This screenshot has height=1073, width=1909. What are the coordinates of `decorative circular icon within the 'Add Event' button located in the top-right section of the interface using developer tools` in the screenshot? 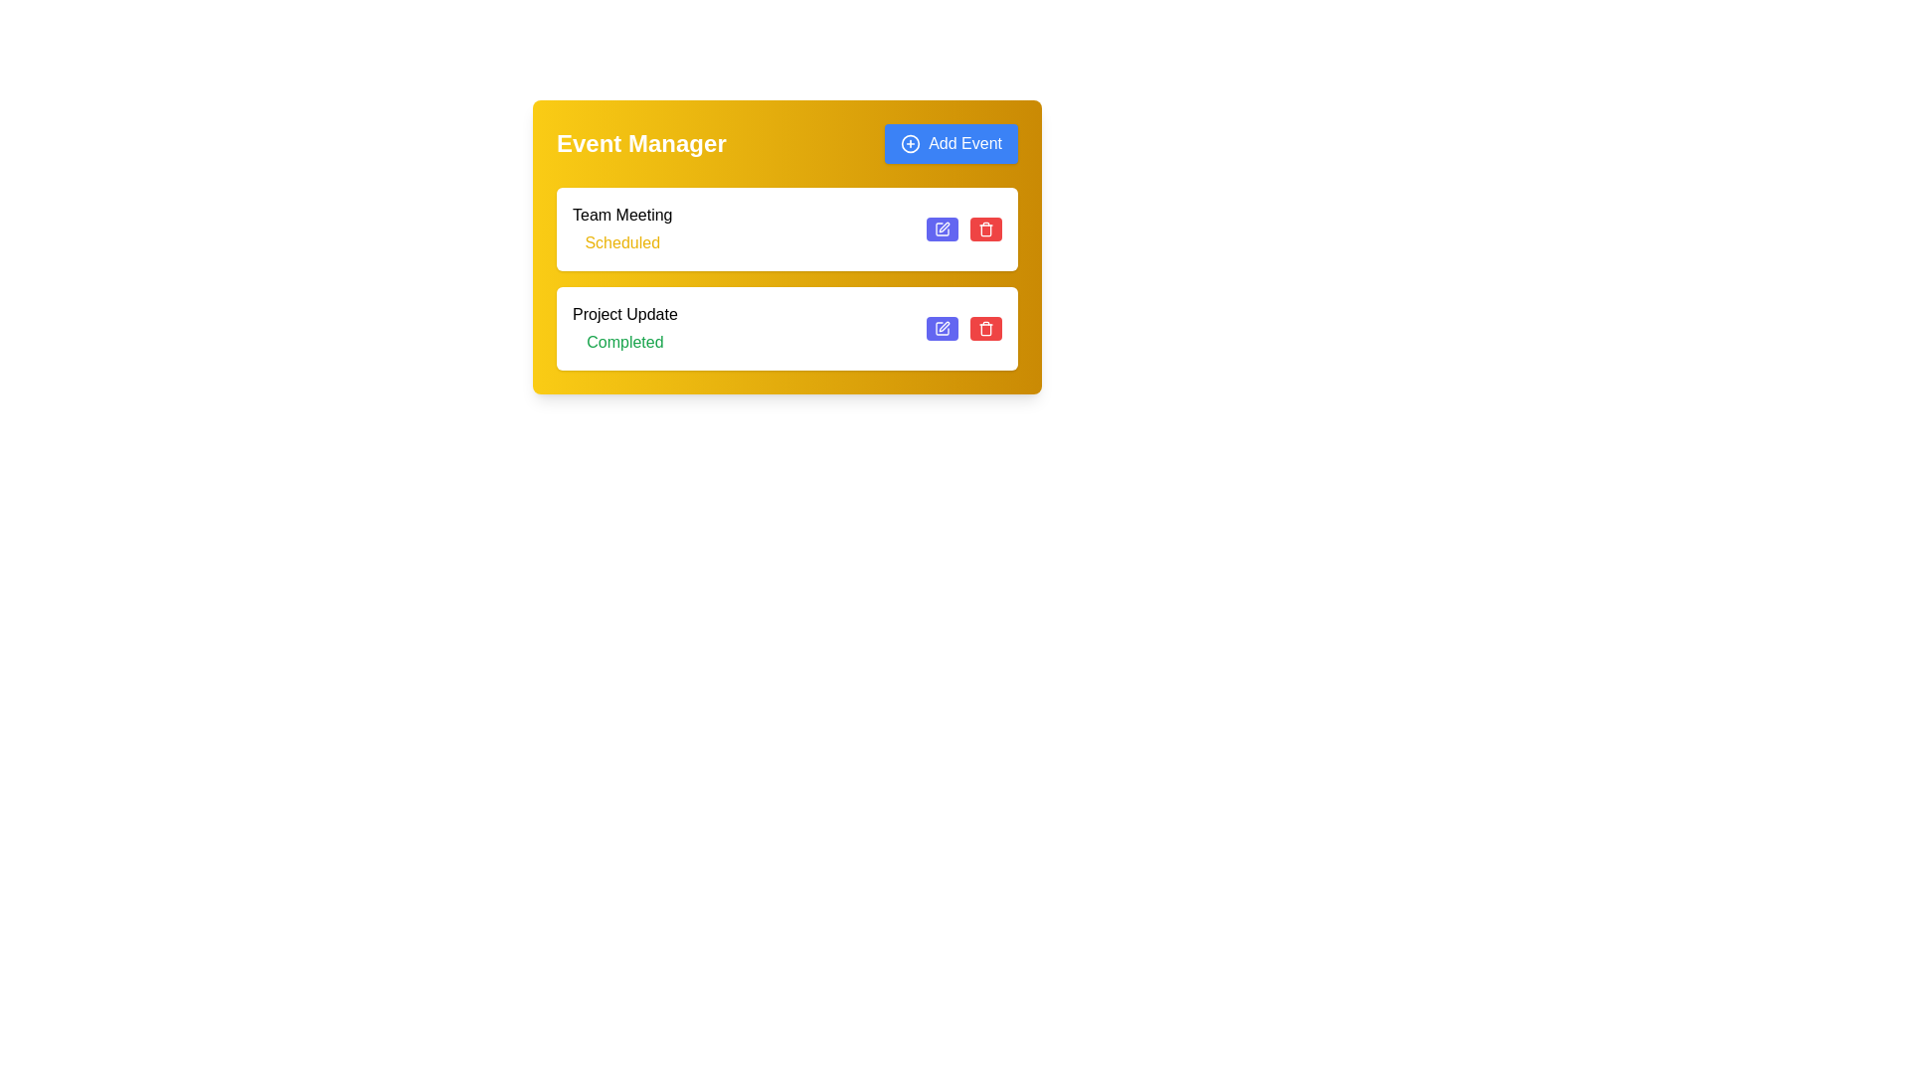 It's located at (910, 143).